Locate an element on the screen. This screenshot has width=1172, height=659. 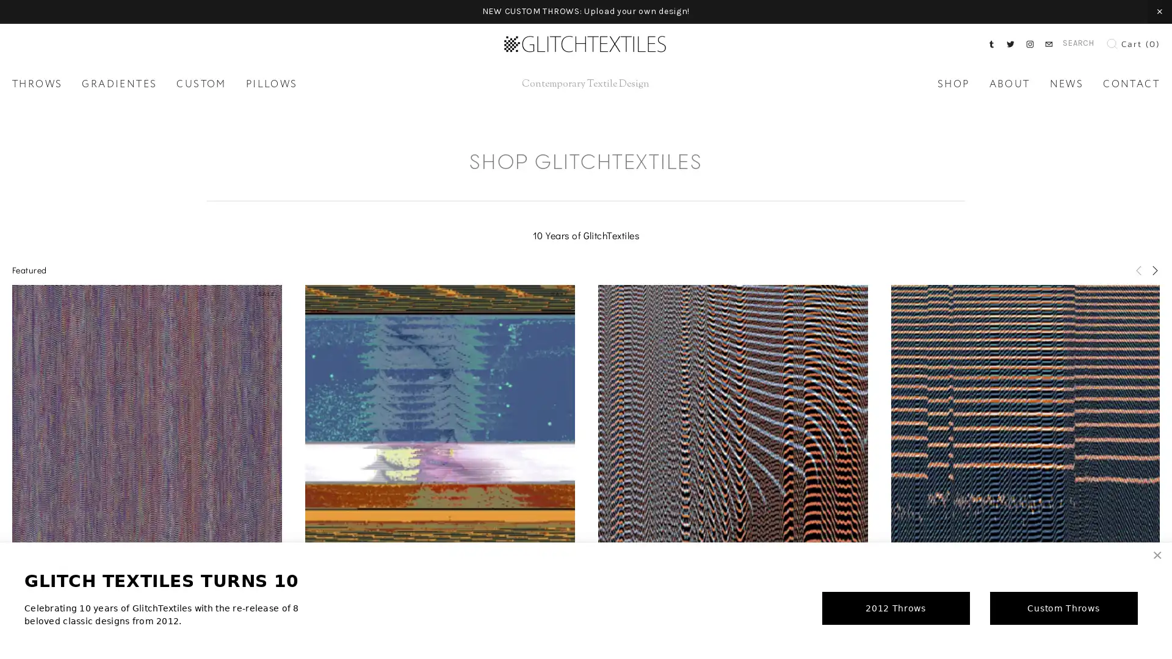
Next is located at coordinates (1154, 269).